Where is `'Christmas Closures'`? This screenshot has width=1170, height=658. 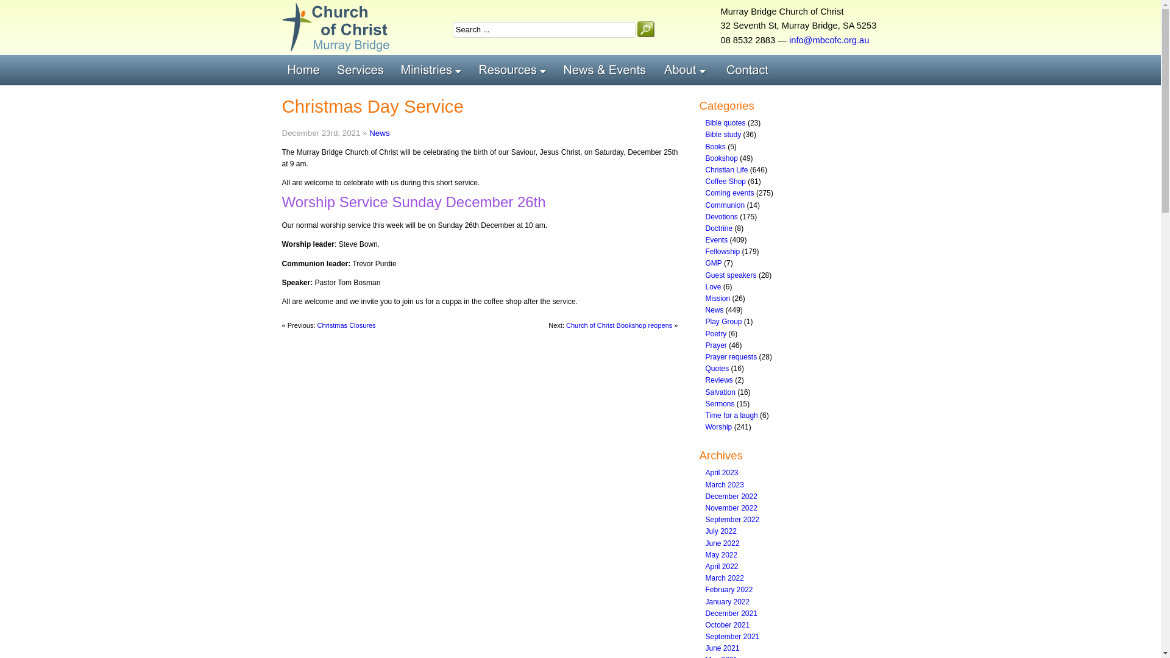 'Christmas Closures' is located at coordinates (346, 324).